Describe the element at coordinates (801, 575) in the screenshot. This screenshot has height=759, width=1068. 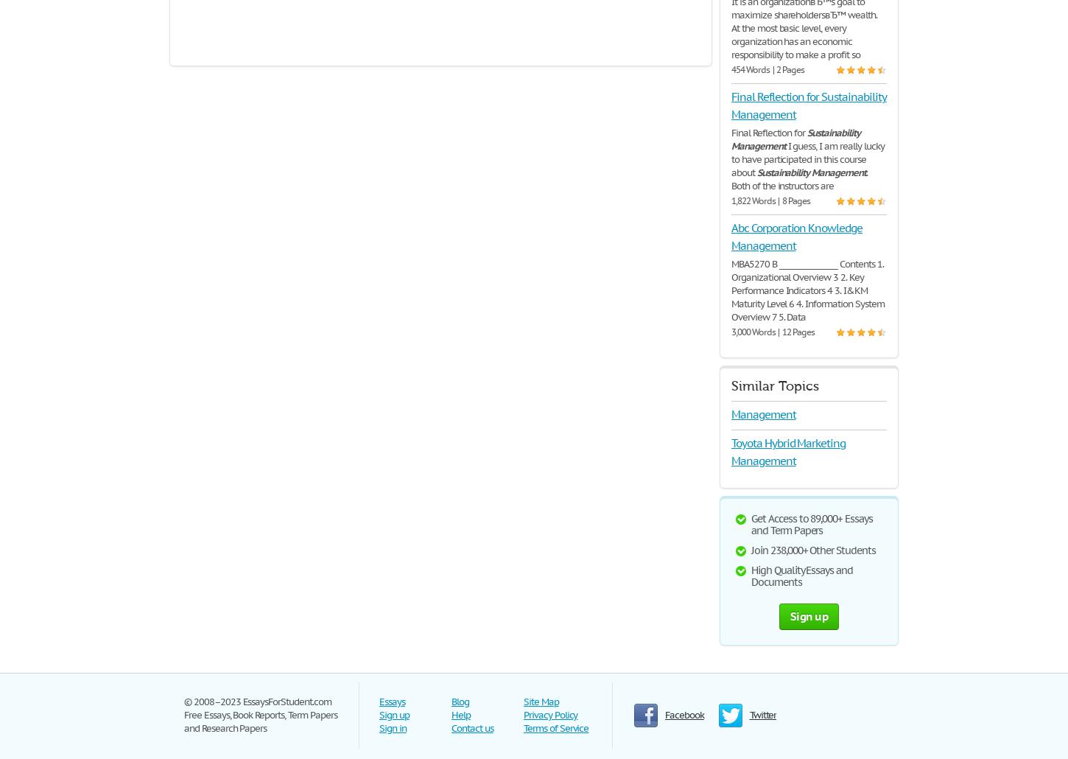
I see `'High Quality Essays and Documents'` at that location.